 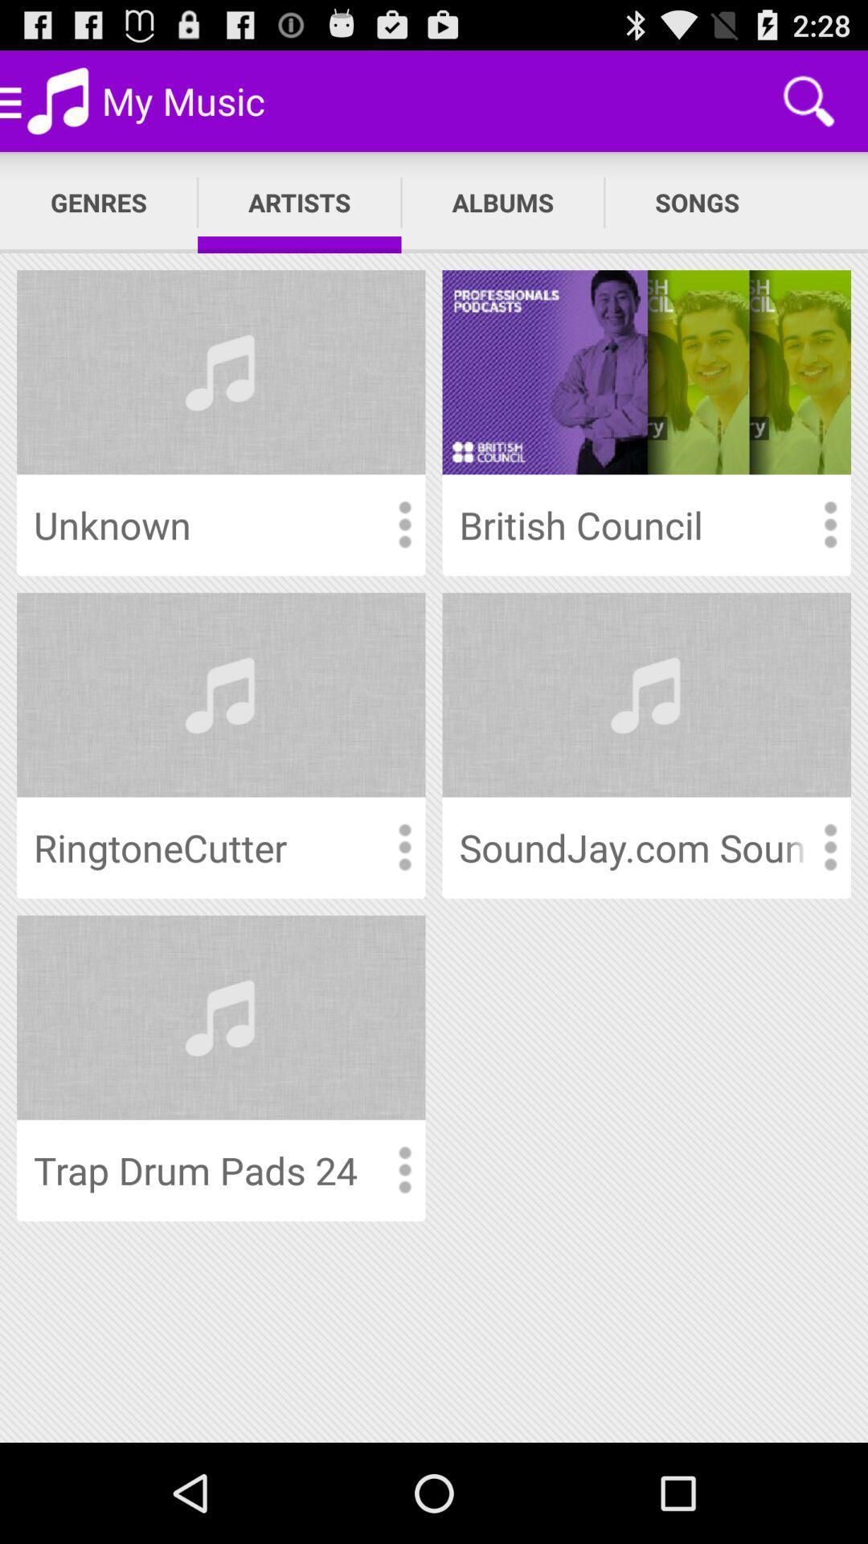 What do you see at coordinates (403, 1170) in the screenshot?
I see `information view option` at bounding box center [403, 1170].